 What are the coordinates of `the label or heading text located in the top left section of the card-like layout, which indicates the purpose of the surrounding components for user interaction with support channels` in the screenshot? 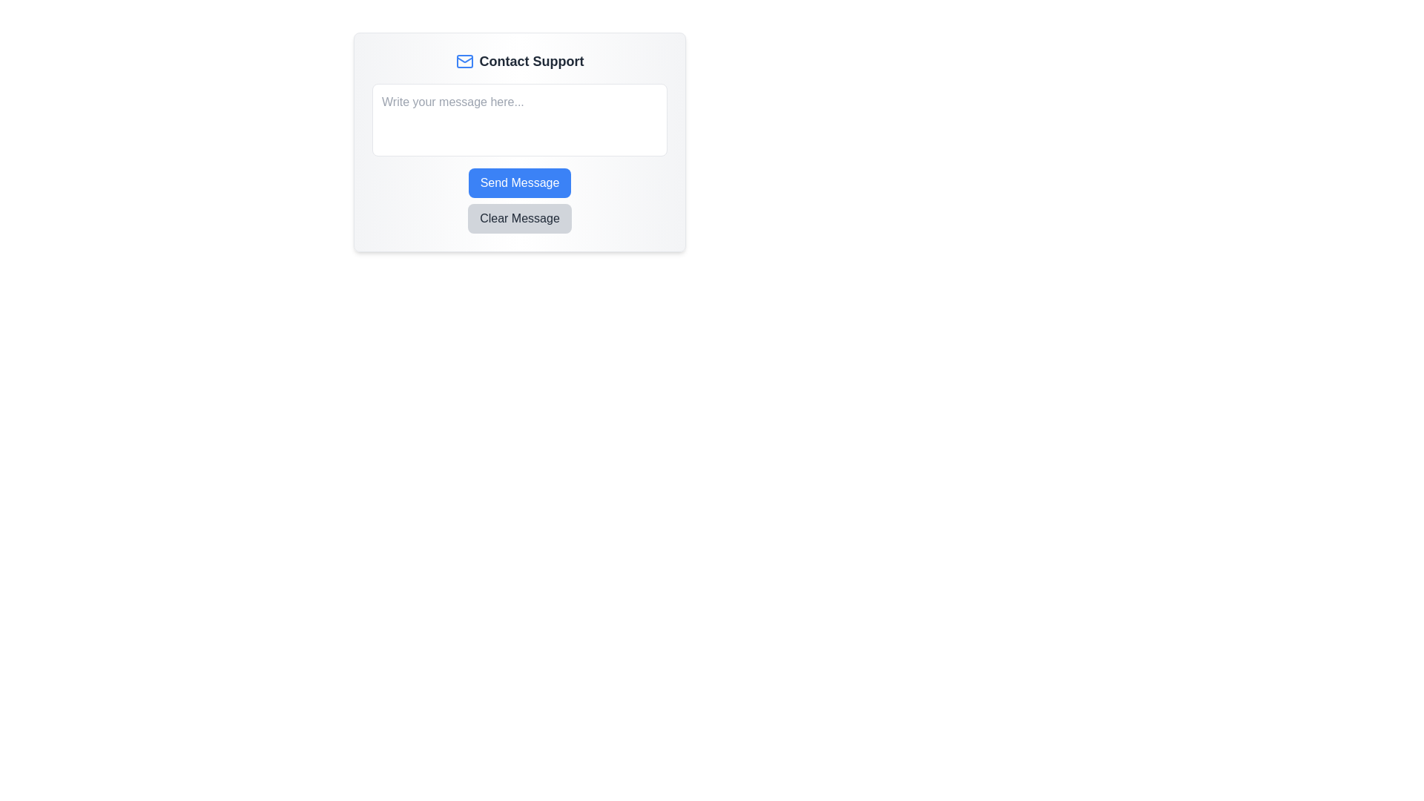 It's located at (531, 61).